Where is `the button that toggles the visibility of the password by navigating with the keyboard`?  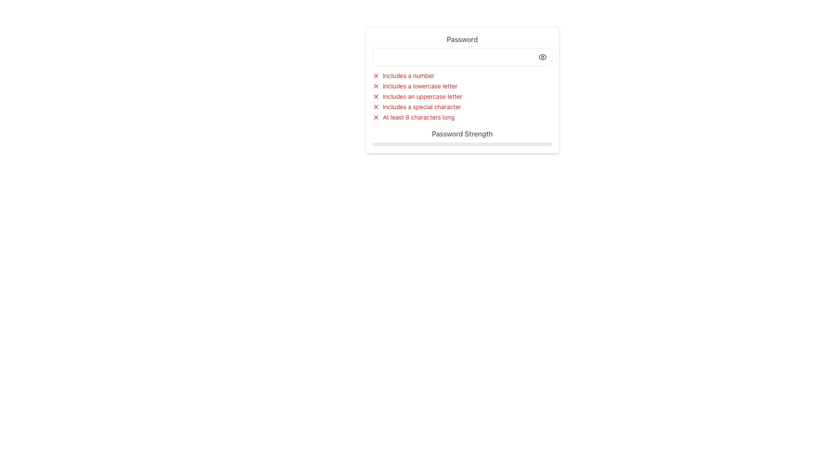 the button that toggles the visibility of the password by navigating with the keyboard is located at coordinates (542, 57).